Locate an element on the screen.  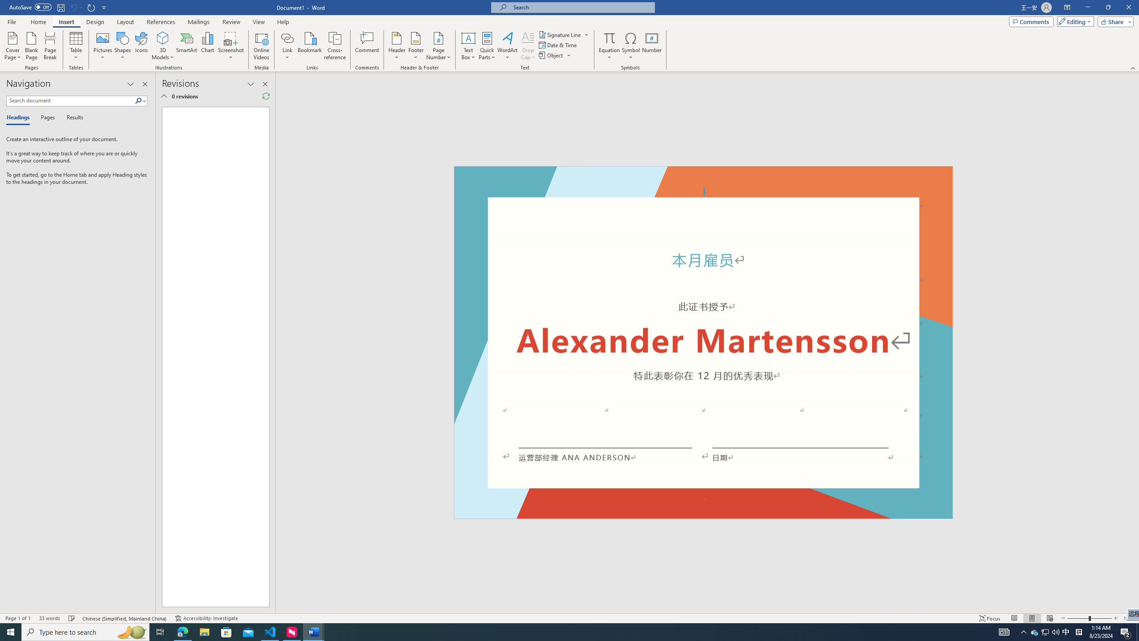
'Comment' is located at coordinates (367, 46).